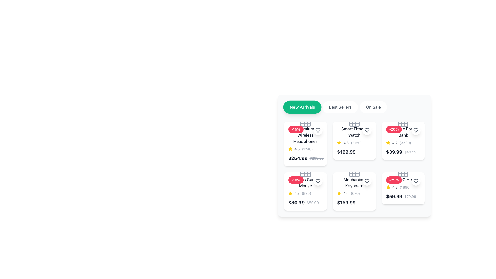 The width and height of the screenshot is (496, 279). I want to click on the grid-like icon above the 'Wireless Headphones' text in the 'New Arrivals' section, so click(305, 121).